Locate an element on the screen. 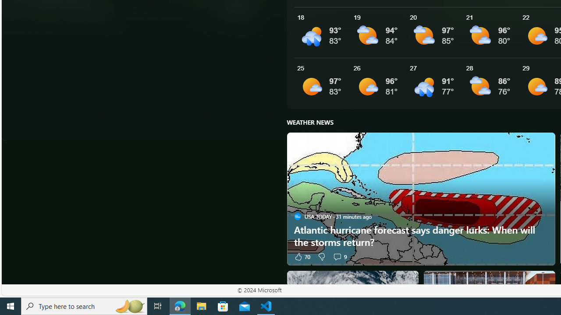 This screenshot has height=315, width=561. 'View comments 9 Comment' is located at coordinates (337, 256).